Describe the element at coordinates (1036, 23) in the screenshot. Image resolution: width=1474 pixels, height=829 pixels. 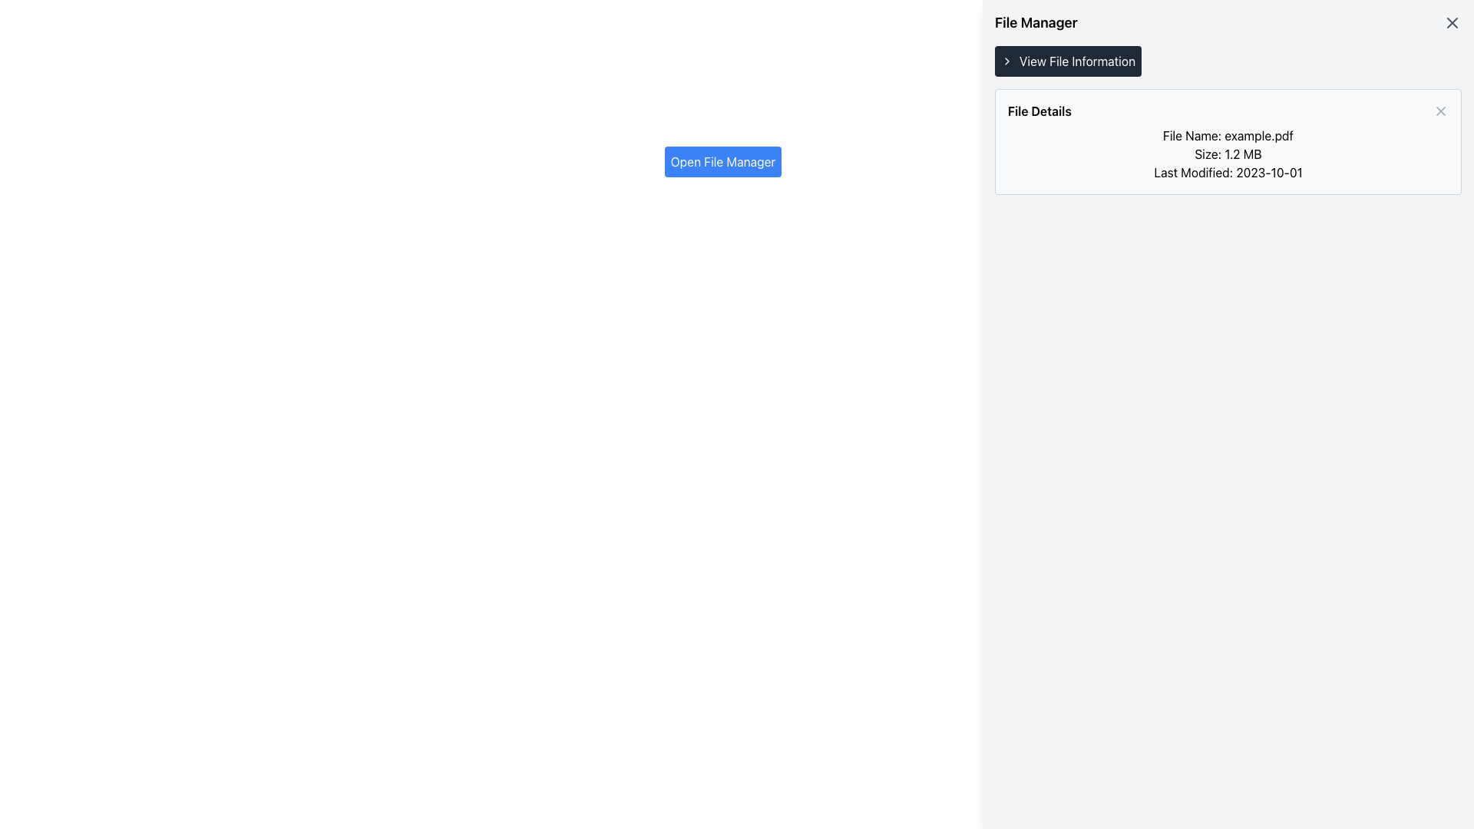
I see `the 'File Manager' static text label, which is displayed in bold and slightly larger font, located at the top right section of the interface` at that location.